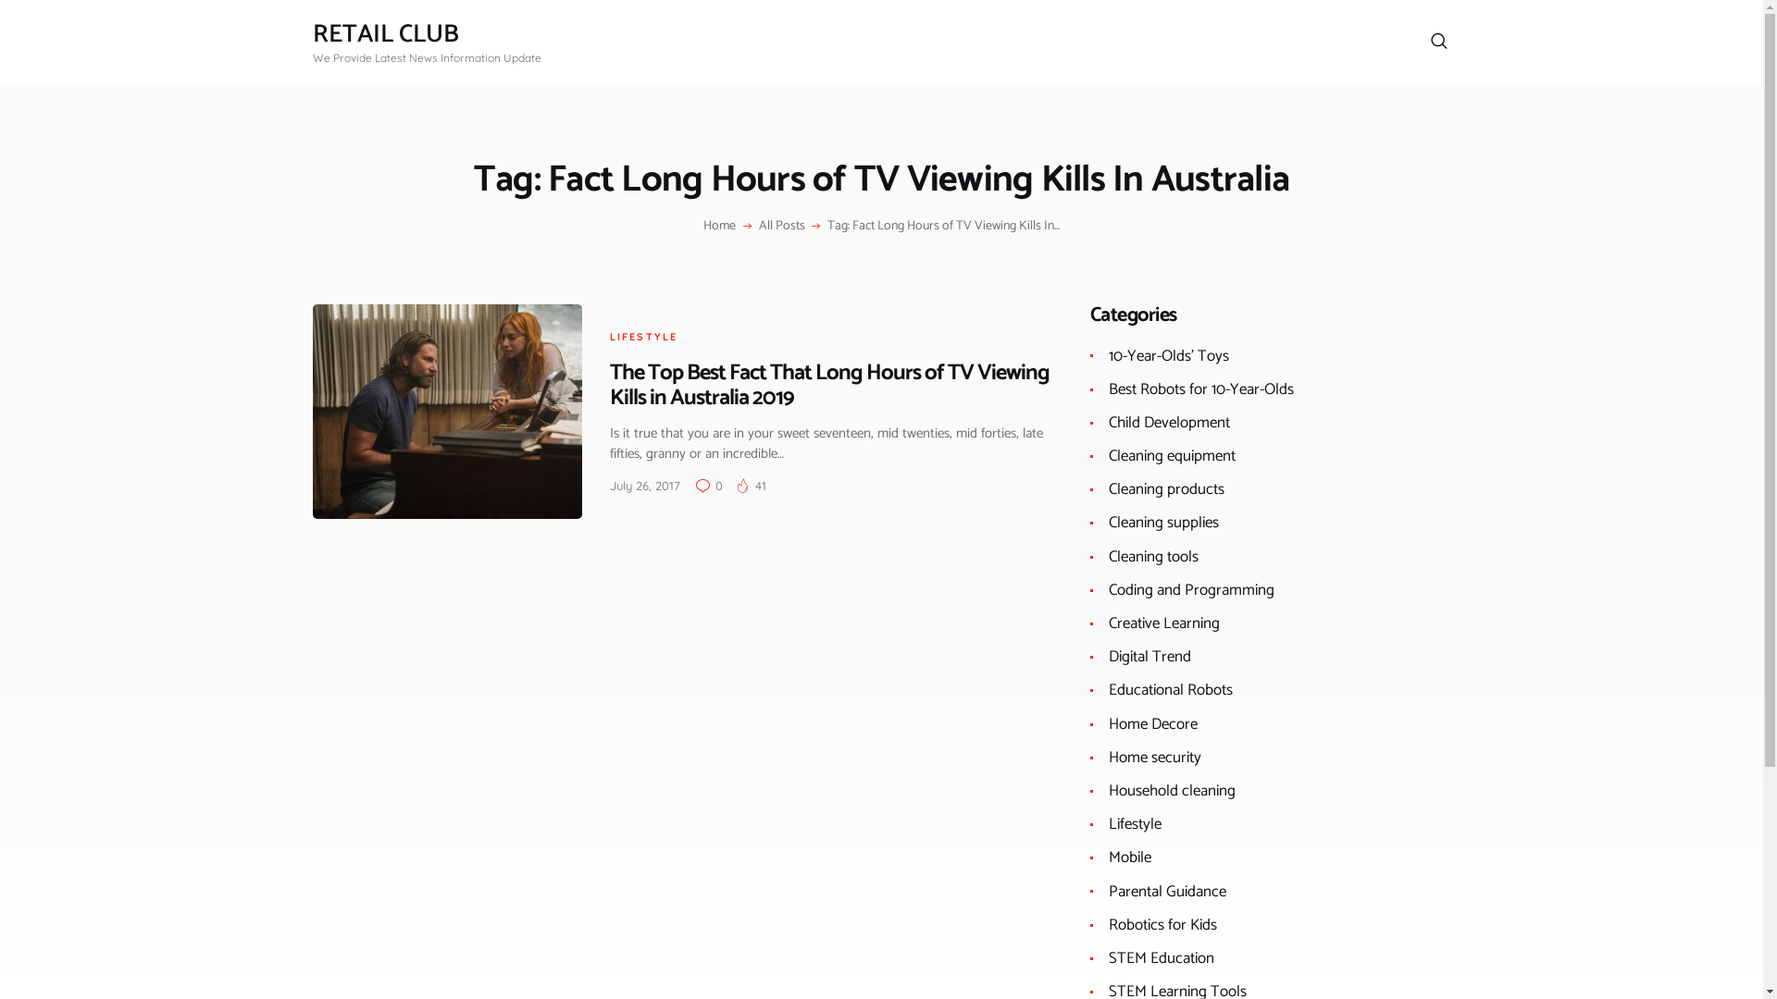 This screenshot has height=999, width=1777. Describe the element at coordinates (1200, 388) in the screenshot. I see `'Best Robots for 10-Year-Olds'` at that location.